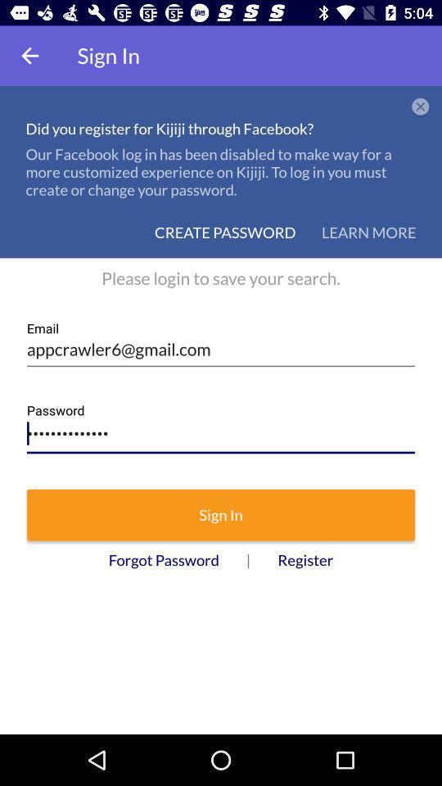 This screenshot has height=786, width=442. Describe the element at coordinates (221, 343) in the screenshot. I see `appcrawler6@gmail.com` at that location.